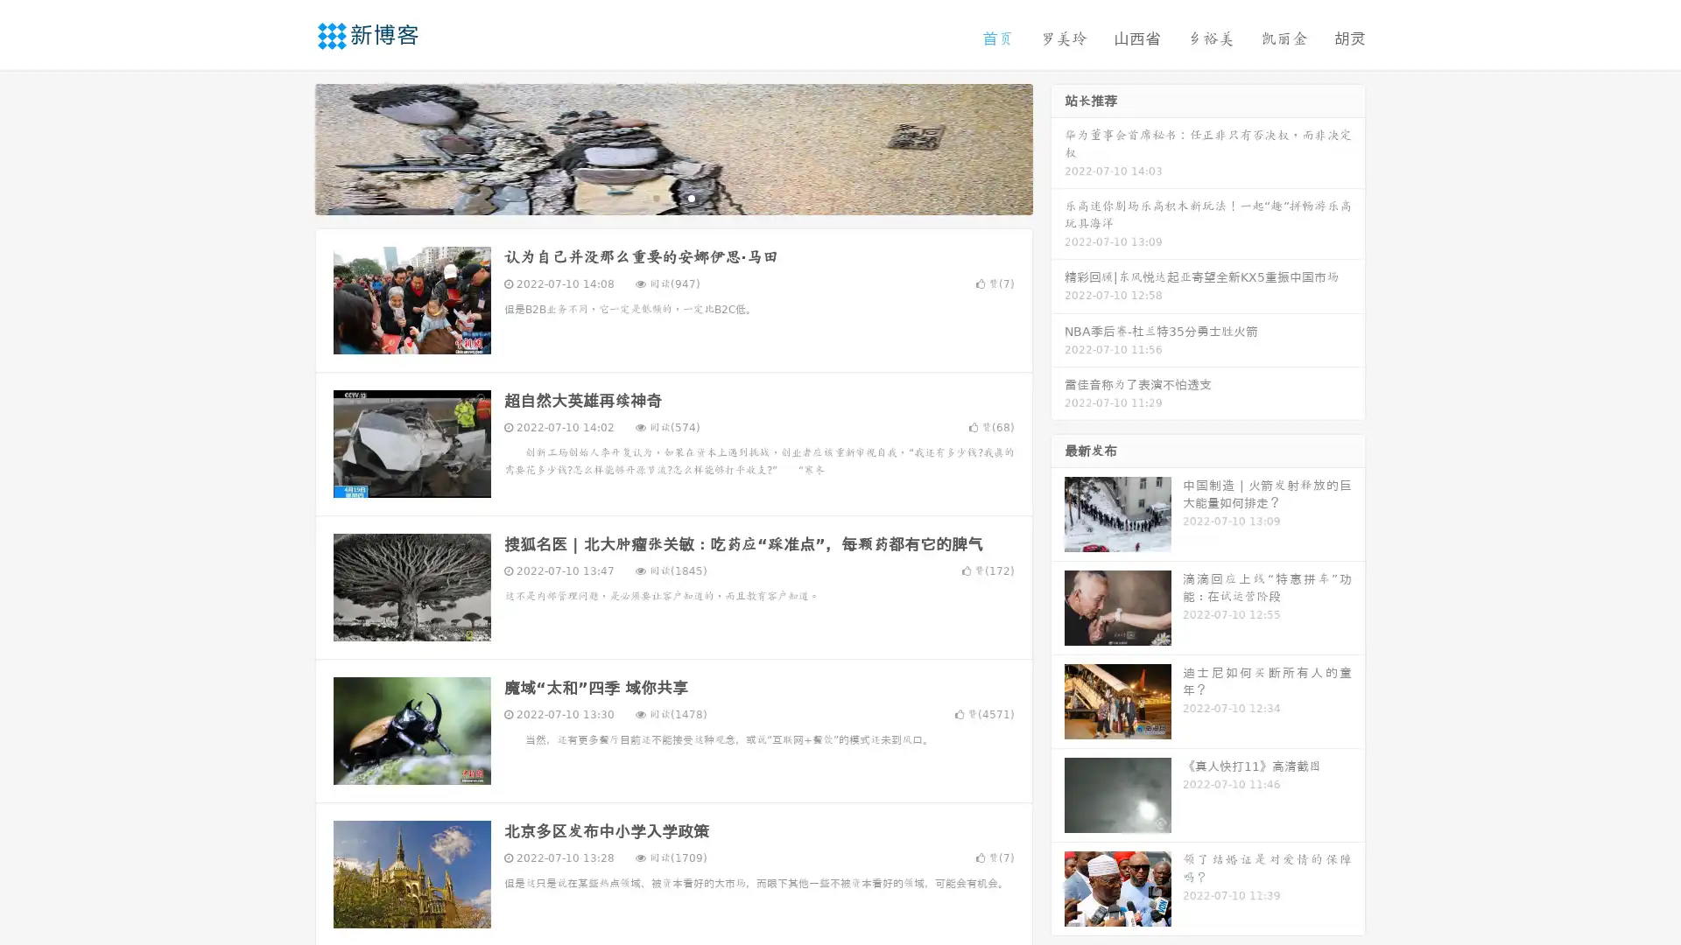 The width and height of the screenshot is (1681, 945). Describe the element at coordinates (655, 197) in the screenshot. I see `Go to slide 1` at that location.